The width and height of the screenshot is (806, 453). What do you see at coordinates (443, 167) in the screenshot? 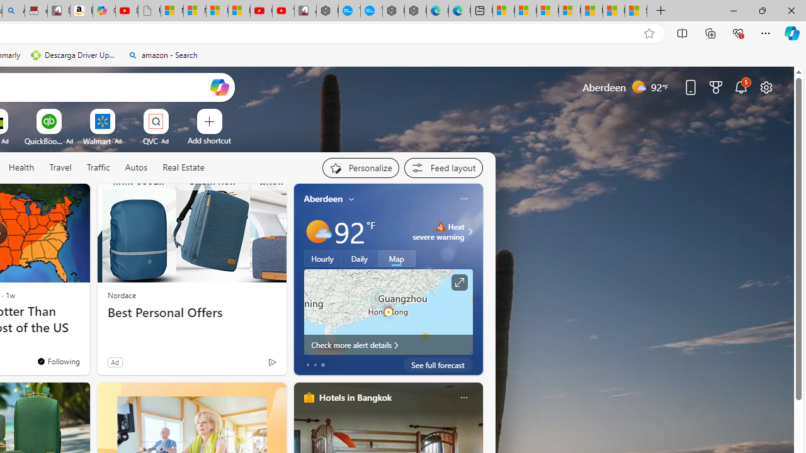
I see `'Feed settings'` at bounding box center [443, 167].